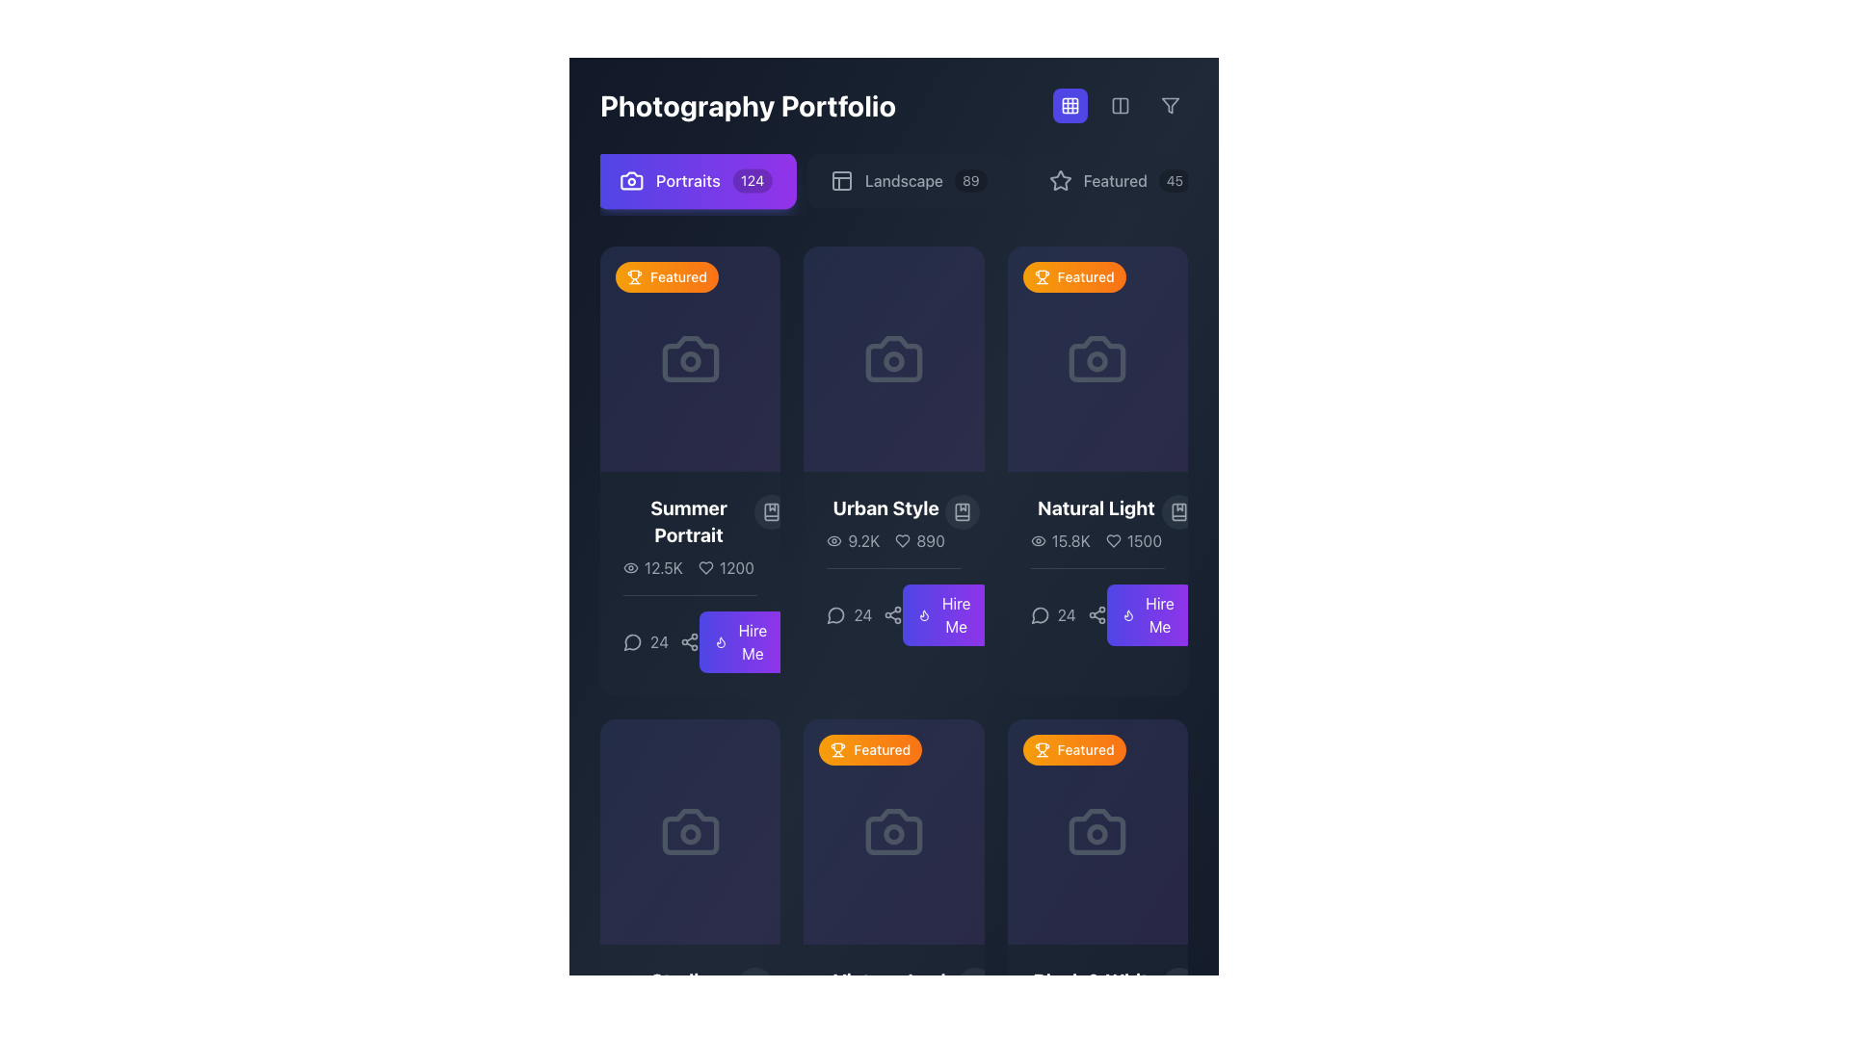 Image resolution: width=1850 pixels, height=1040 pixels. I want to click on the trophy icon within the orange 'Featured' badge above the 'Natural Light' photography project card, so click(1041, 274).